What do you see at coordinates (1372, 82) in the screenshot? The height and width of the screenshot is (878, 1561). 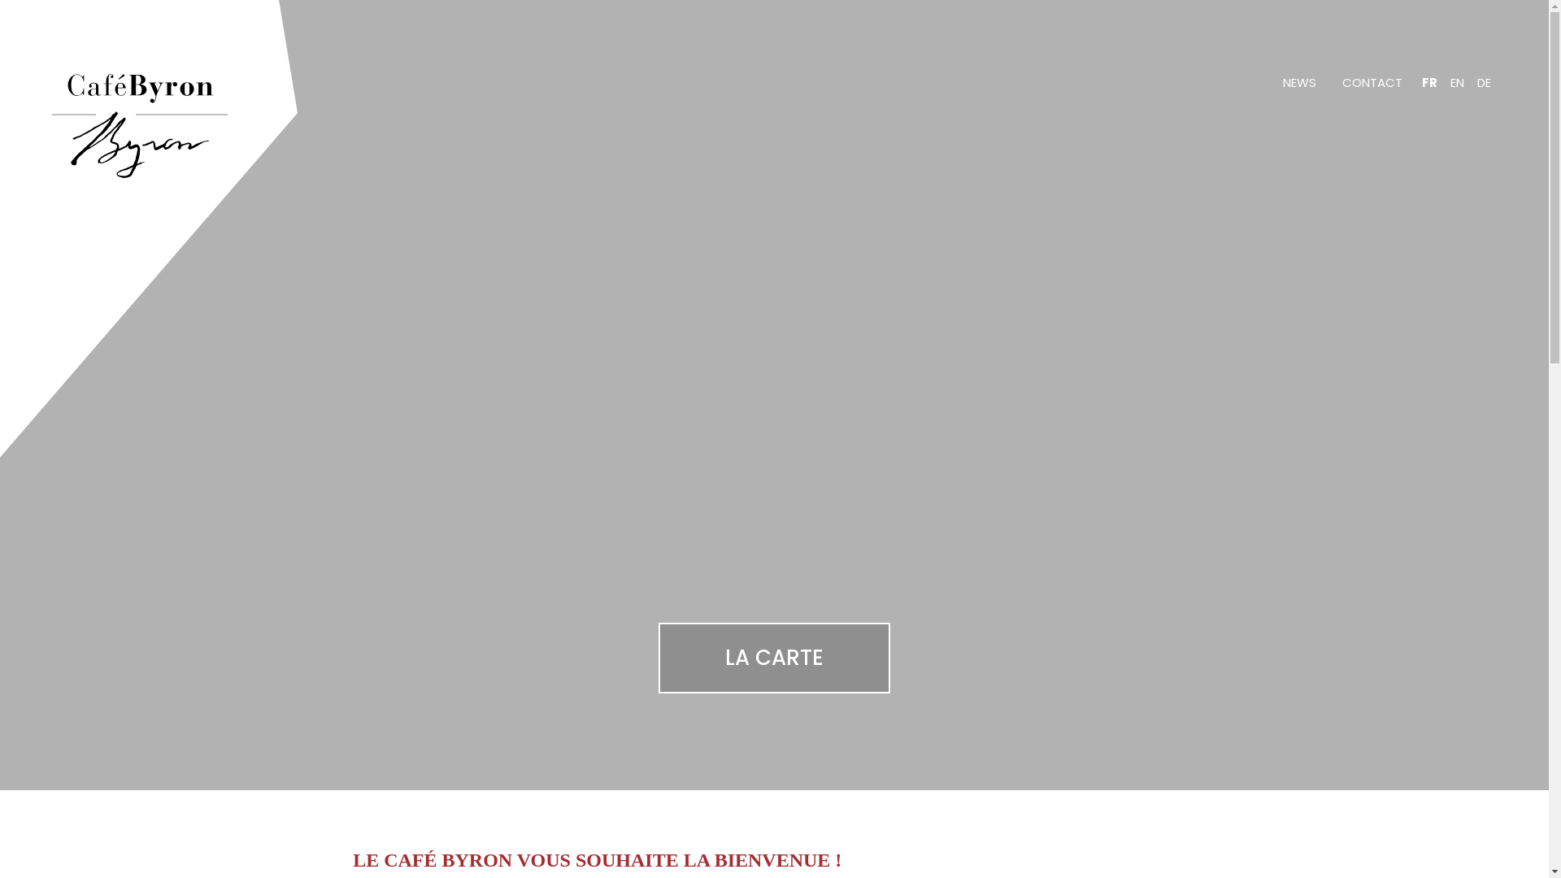 I see `'CONTACT'` at bounding box center [1372, 82].